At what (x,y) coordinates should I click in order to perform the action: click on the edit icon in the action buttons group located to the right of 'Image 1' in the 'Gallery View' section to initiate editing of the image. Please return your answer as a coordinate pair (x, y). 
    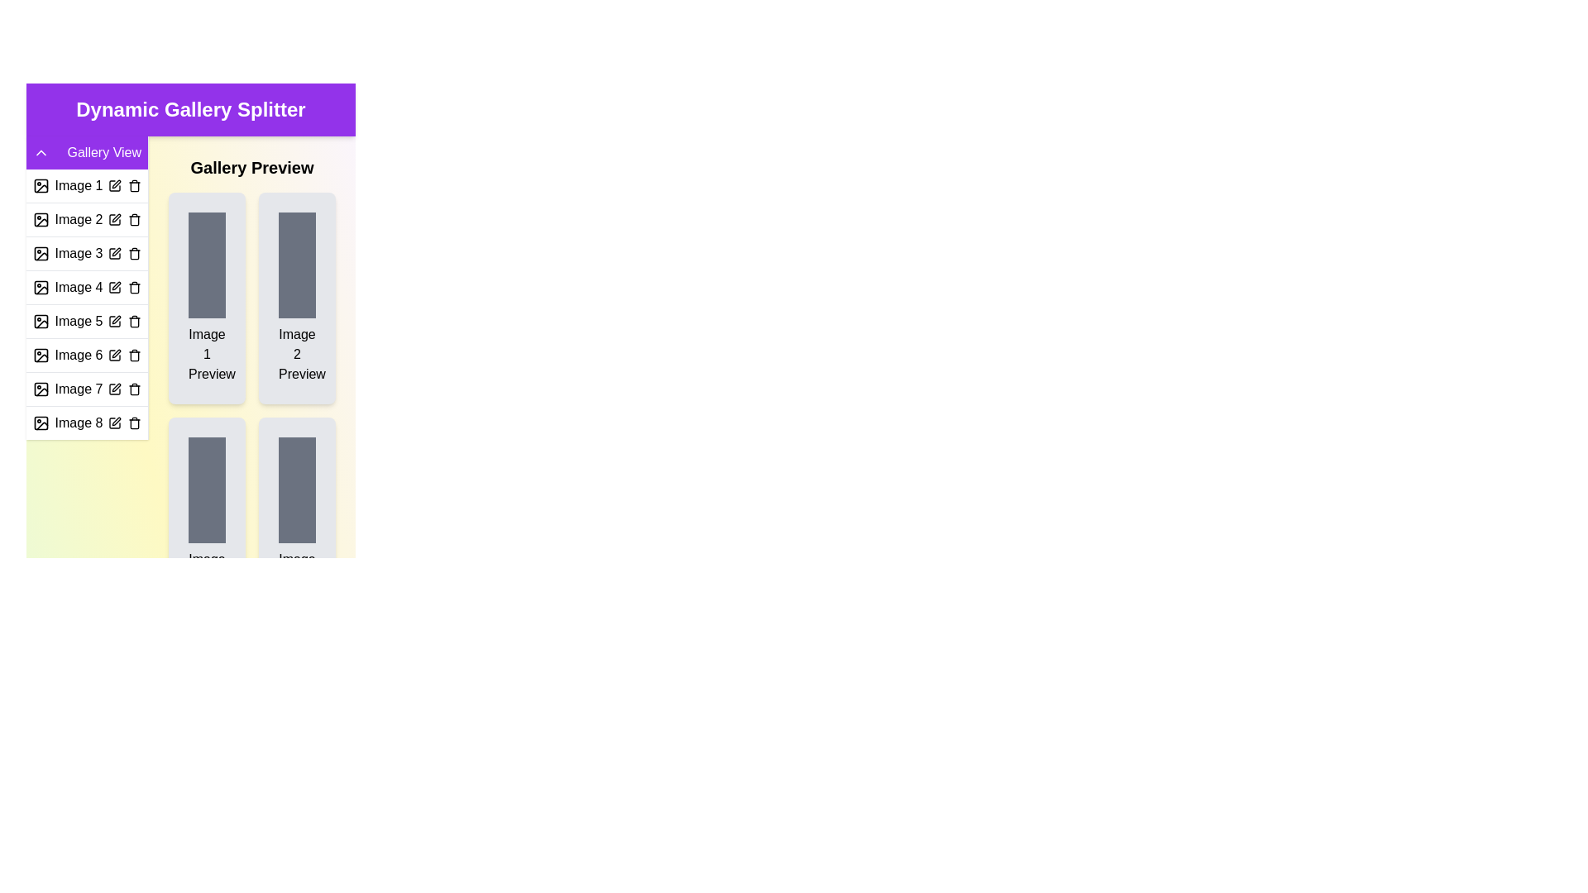
    Looking at the image, I should click on (123, 185).